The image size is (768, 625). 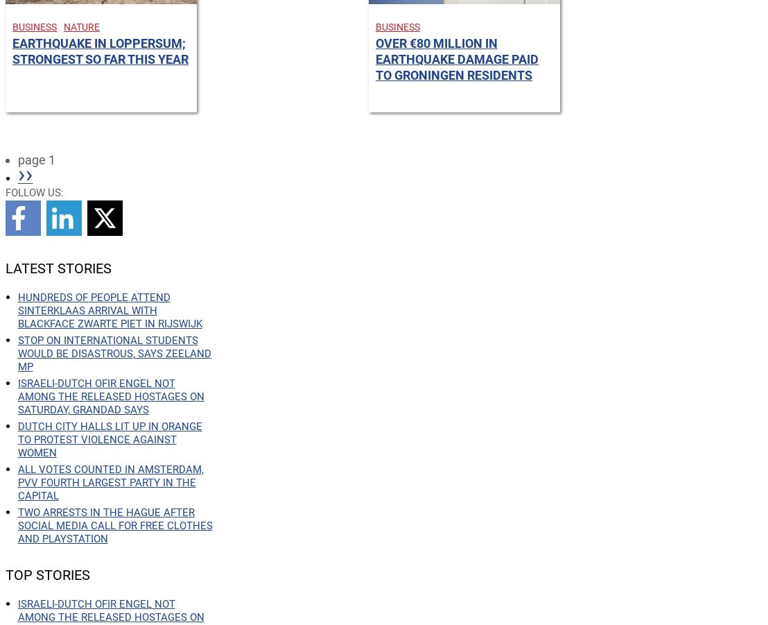 What do you see at coordinates (33, 192) in the screenshot?
I see `'Follow us:'` at bounding box center [33, 192].